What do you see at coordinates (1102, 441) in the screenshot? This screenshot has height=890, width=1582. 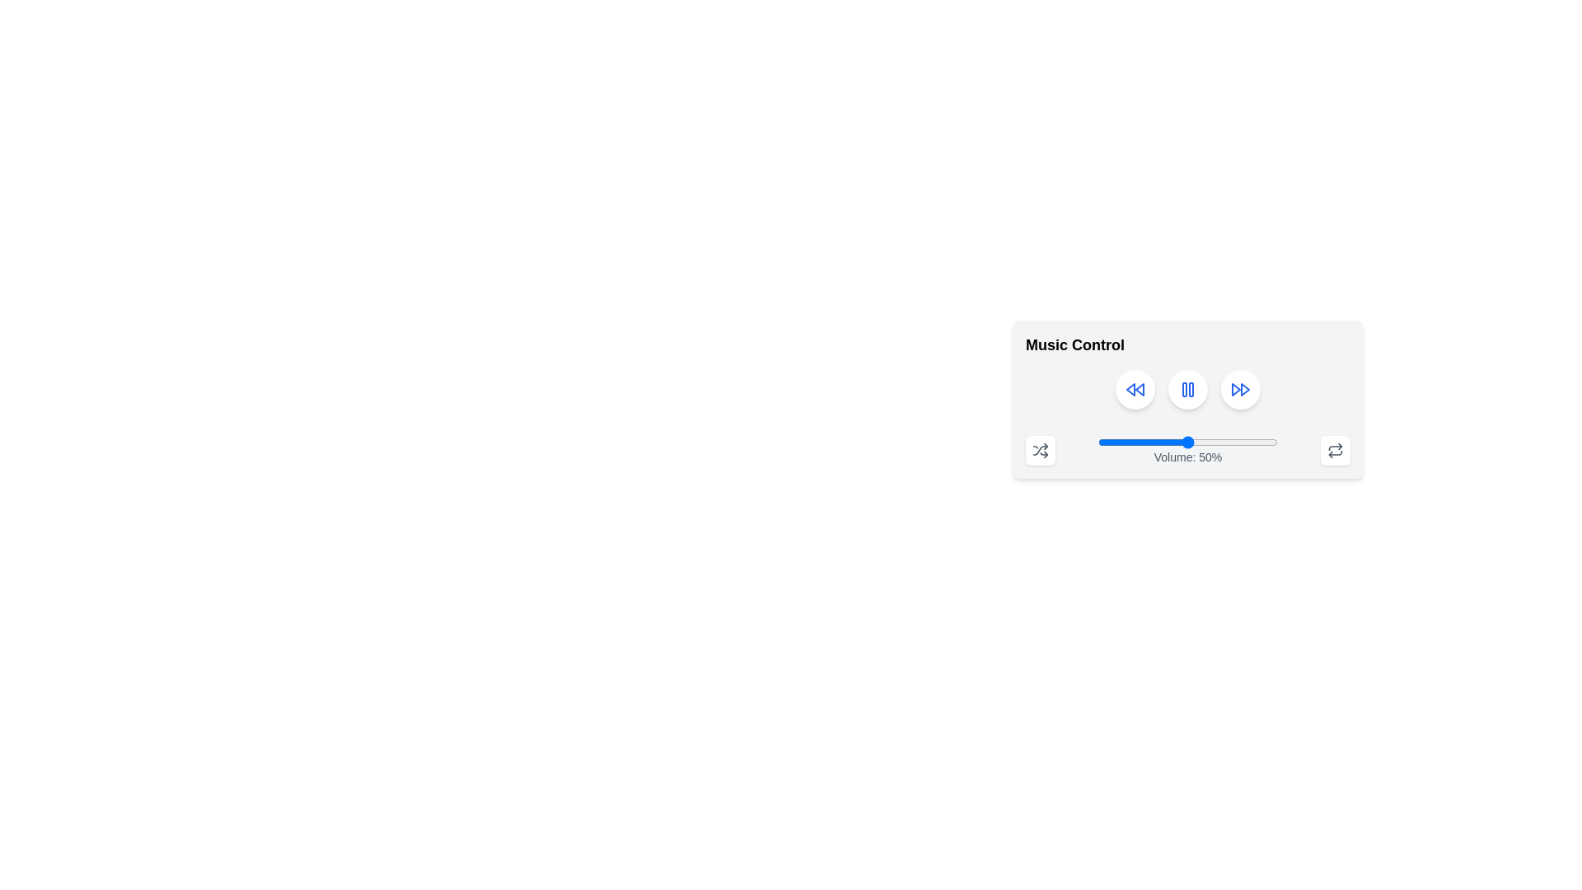 I see `volume` at bounding box center [1102, 441].